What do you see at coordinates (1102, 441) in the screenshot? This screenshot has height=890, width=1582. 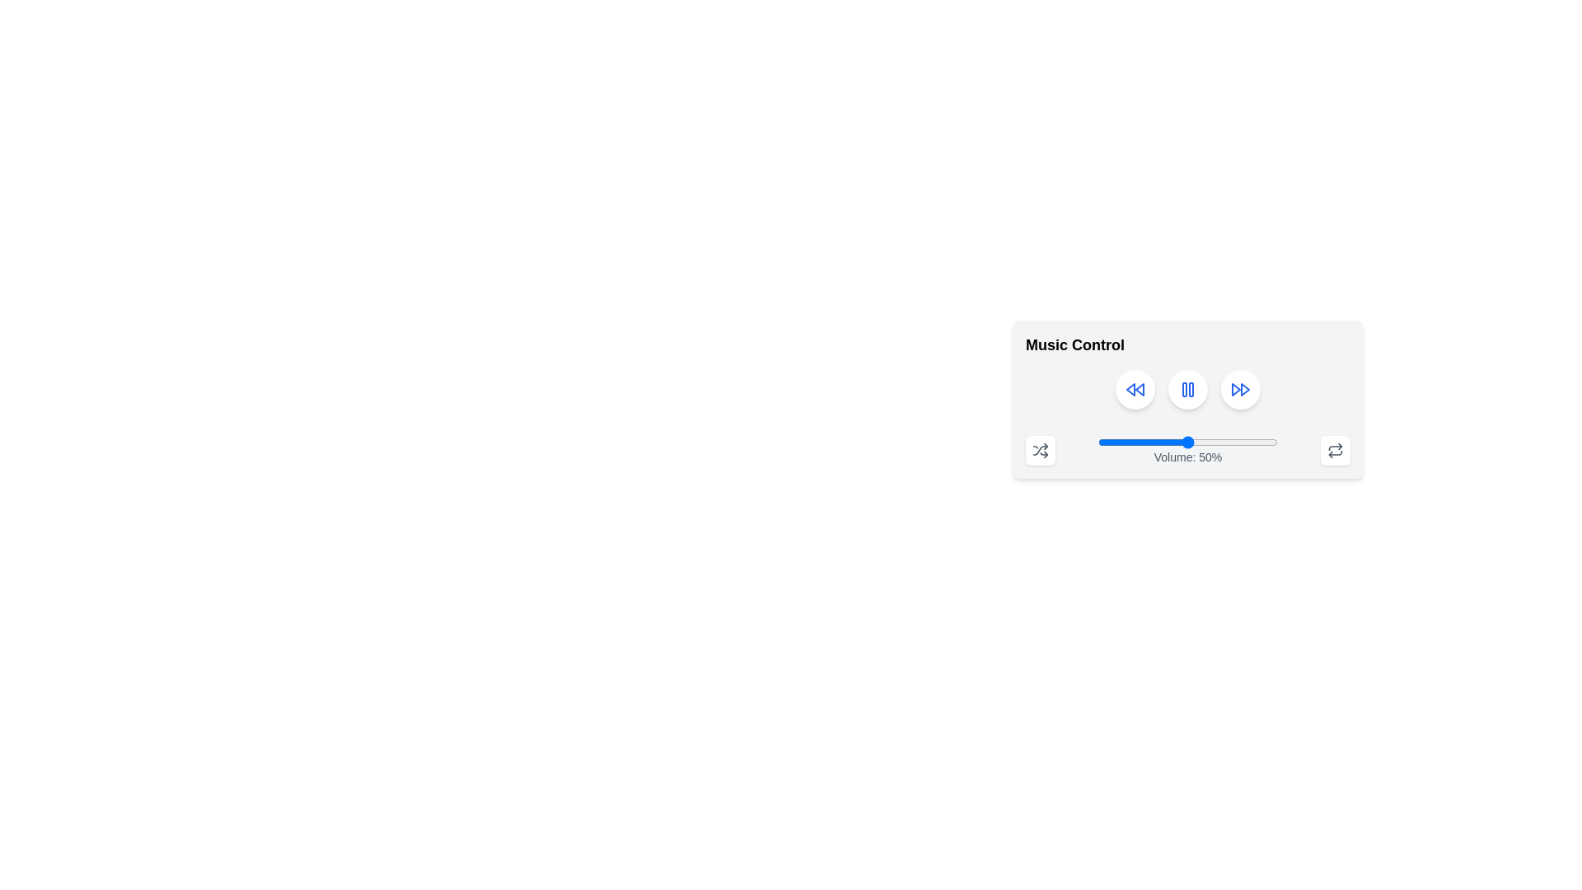 I see `volume` at bounding box center [1102, 441].